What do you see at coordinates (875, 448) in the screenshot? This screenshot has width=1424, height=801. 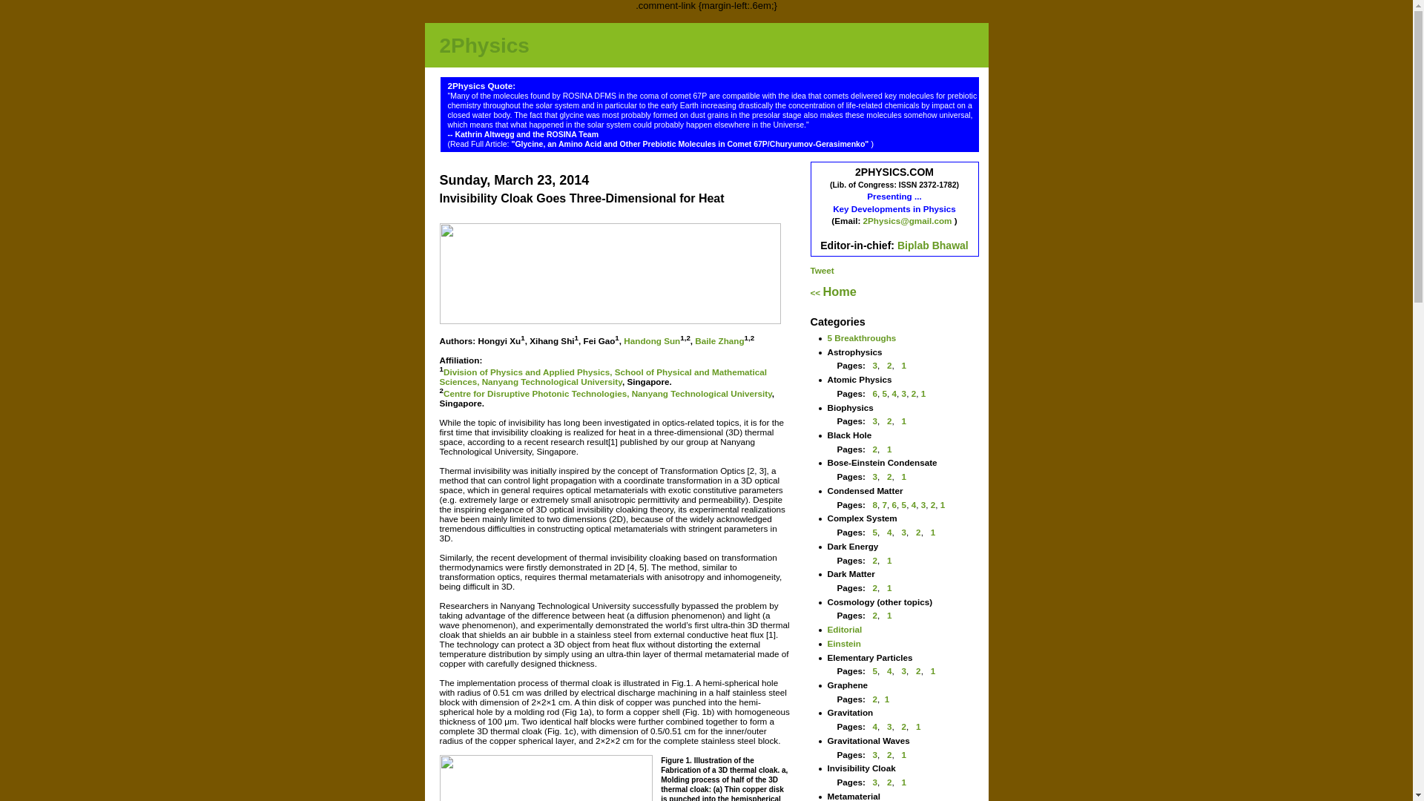 I see `'2'` at bounding box center [875, 448].